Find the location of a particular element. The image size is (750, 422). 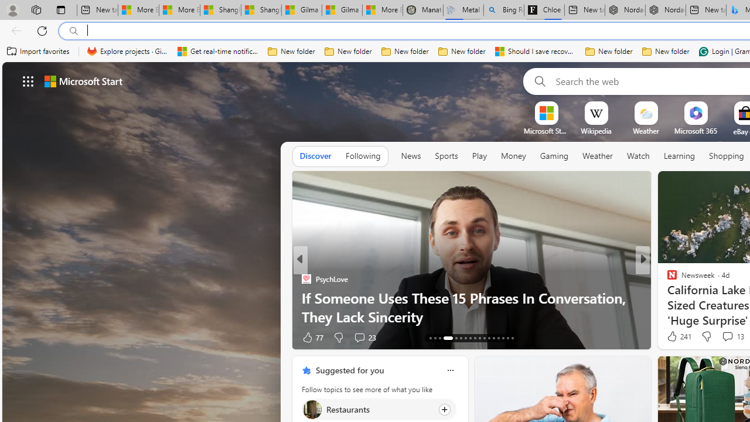

'ETNT Mind+Body' is located at coordinates (667, 278).